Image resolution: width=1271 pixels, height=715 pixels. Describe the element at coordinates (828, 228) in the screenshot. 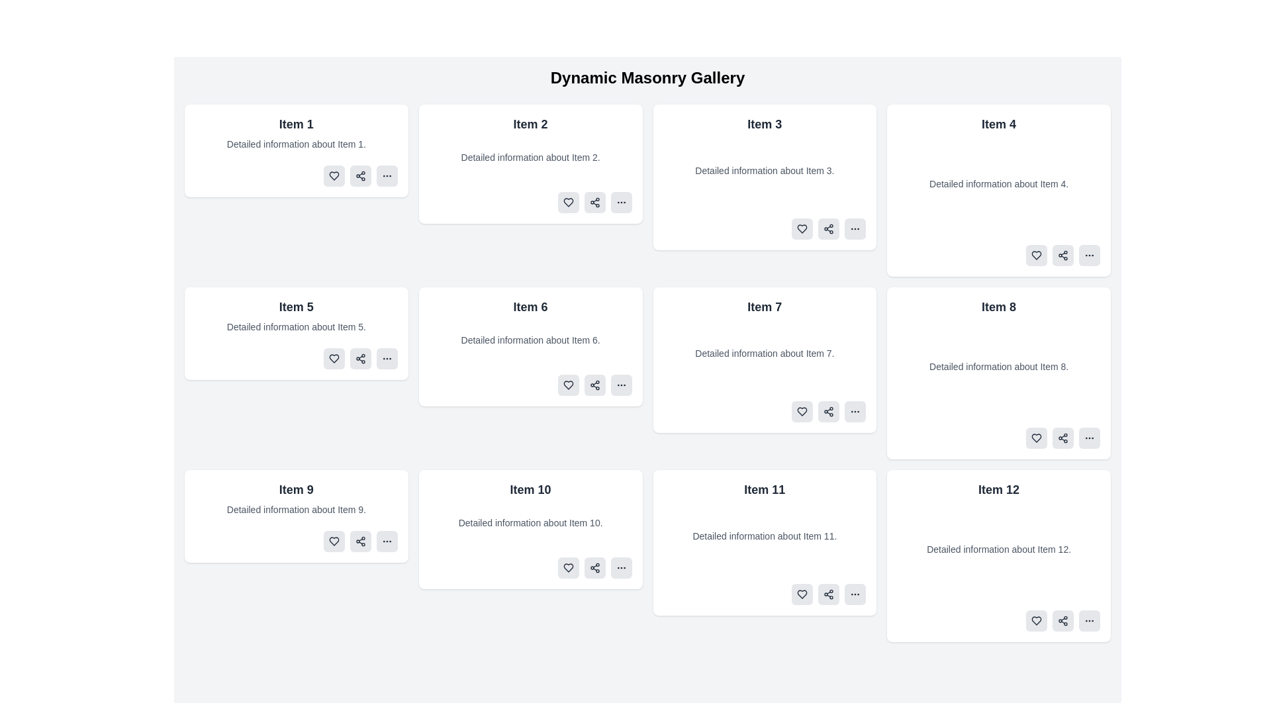

I see `the button with a gray background and rounded corners that contains a sharing icon, located at the bottom-right of the 'Item 3' card` at that location.